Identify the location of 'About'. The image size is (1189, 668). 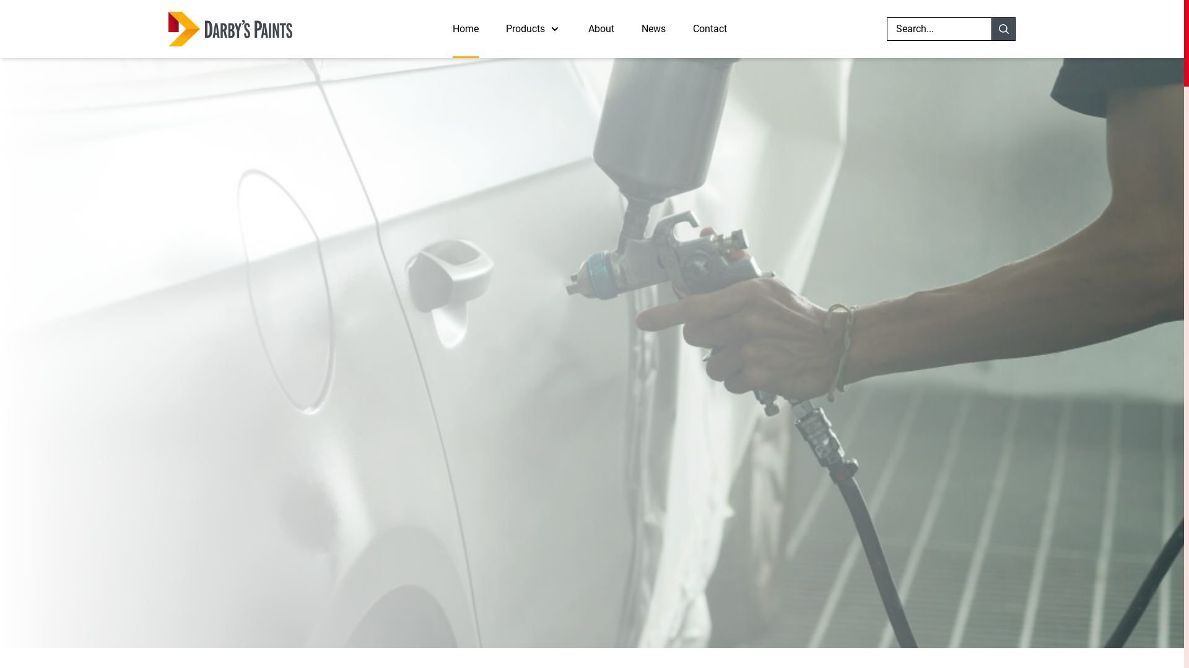
(601, 28).